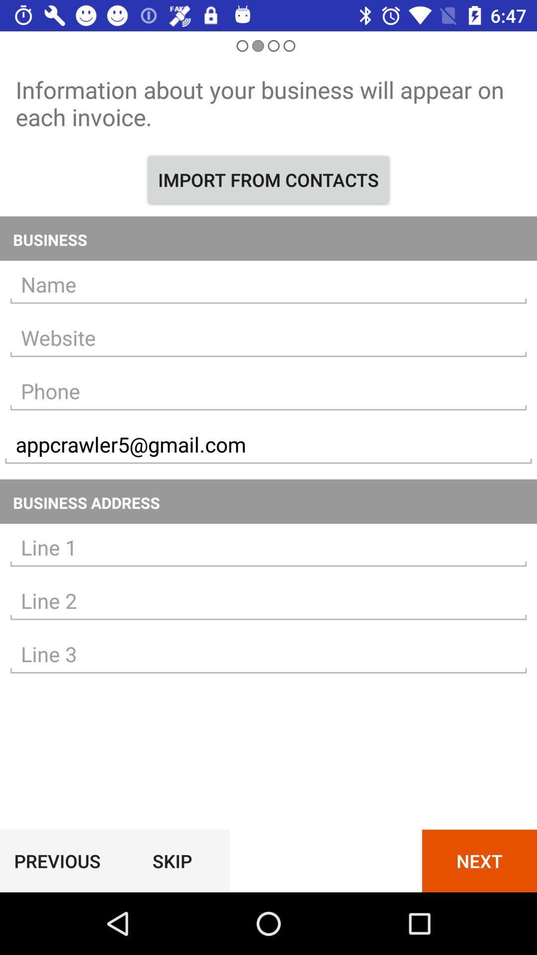 Image resolution: width=537 pixels, height=955 pixels. Describe the element at coordinates (268, 180) in the screenshot. I see `the import from contacts icon` at that location.